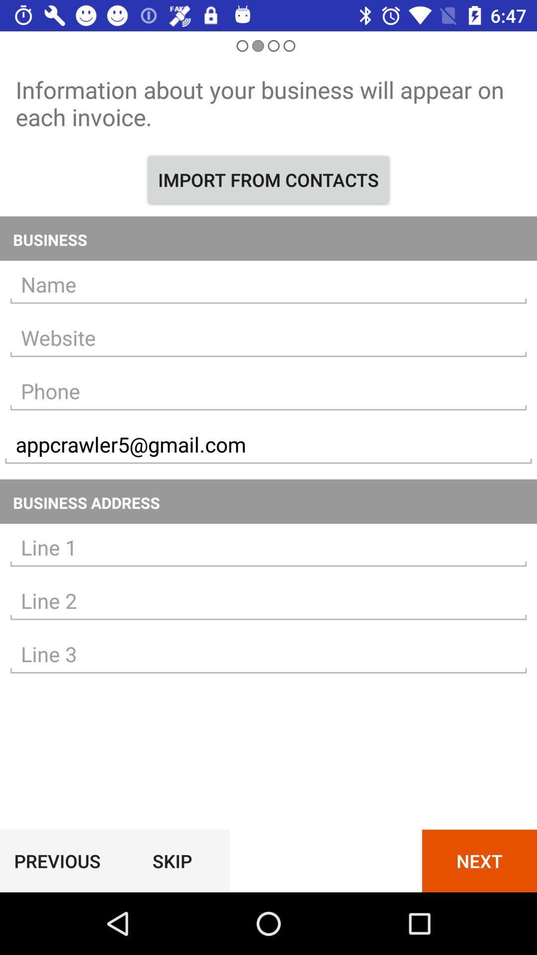 Image resolution: width=537 pixels, height=955 pixels. Describe the element at coordinates (268, 180) in the screenshot. I see `the import from contacts icon` at that location.